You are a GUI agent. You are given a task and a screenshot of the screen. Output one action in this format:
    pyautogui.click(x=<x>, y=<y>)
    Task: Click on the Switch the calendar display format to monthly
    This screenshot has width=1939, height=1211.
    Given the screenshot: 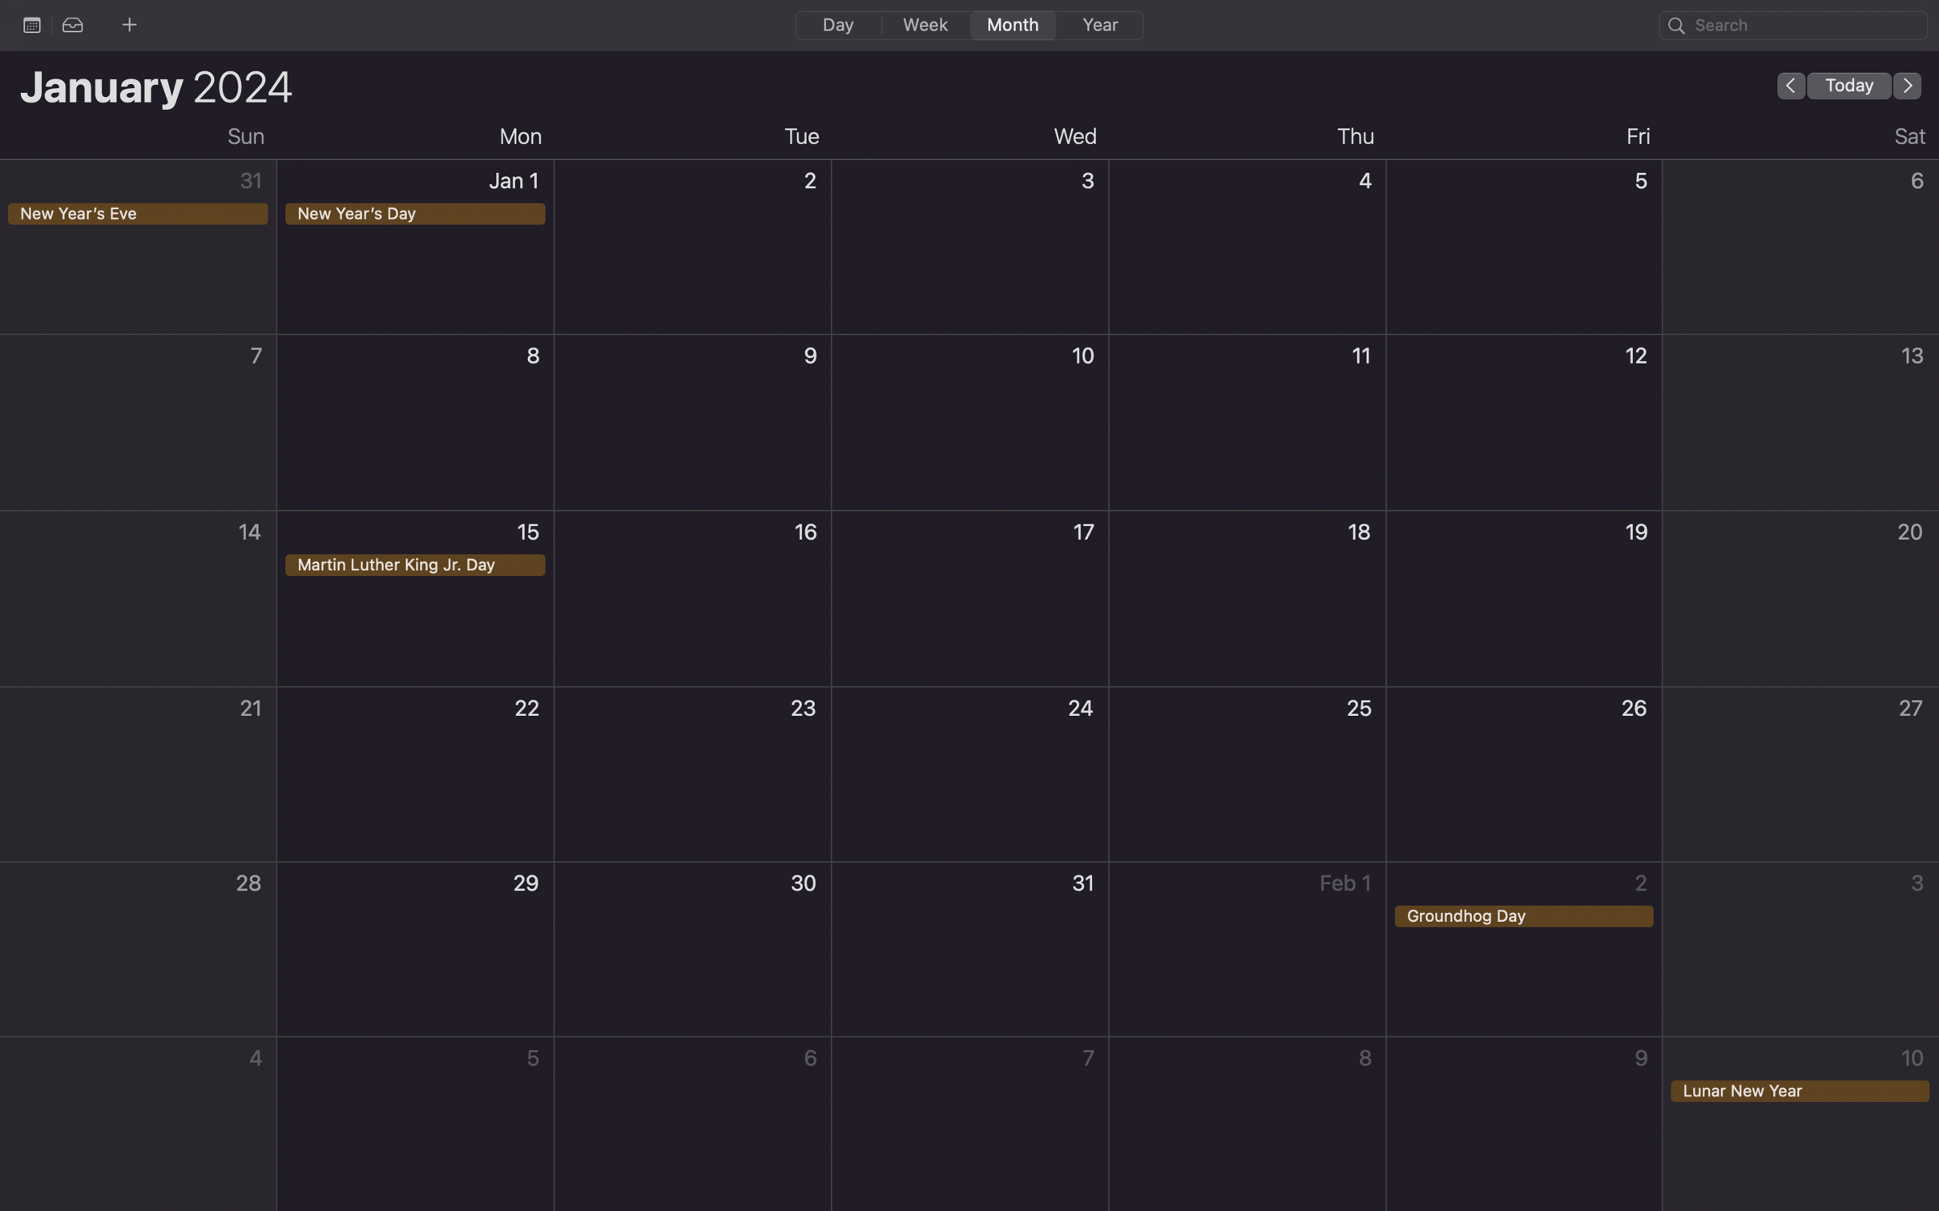 What is the action you would take?
    pyautogui.click(x=1010, y=24)
    